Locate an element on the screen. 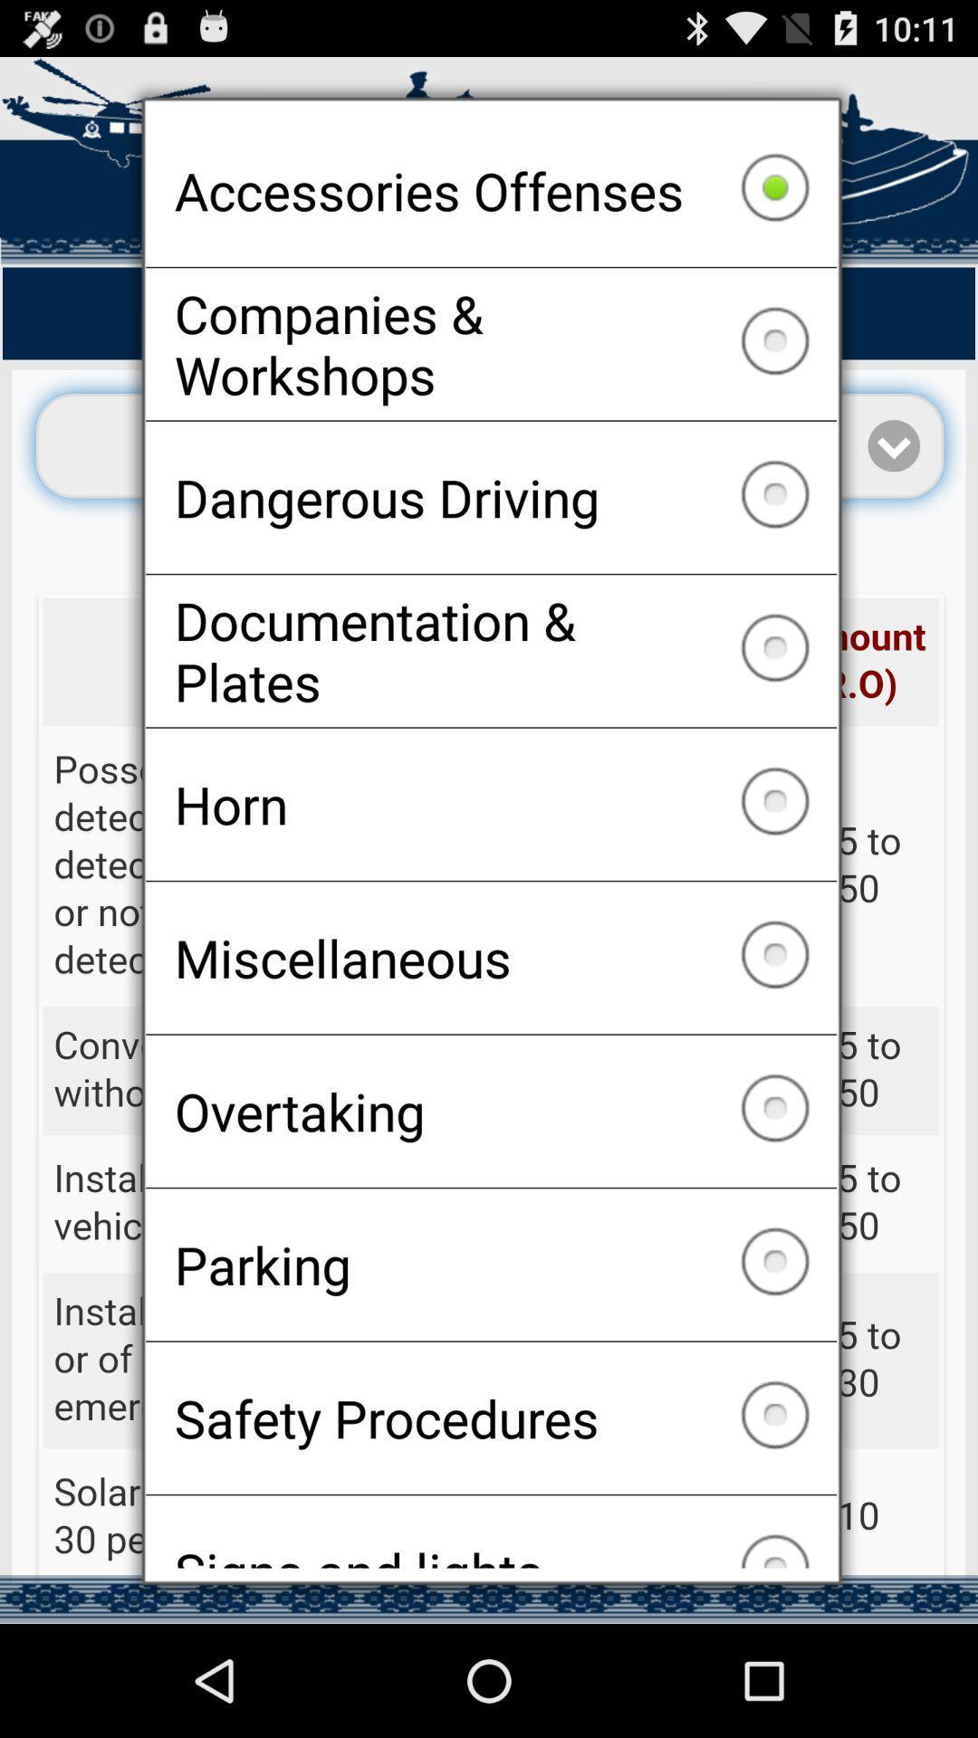 The width and height of the screenshot is (978, 1738). the item above the companies & workshops checkbox is located at coordinates (491, 190).